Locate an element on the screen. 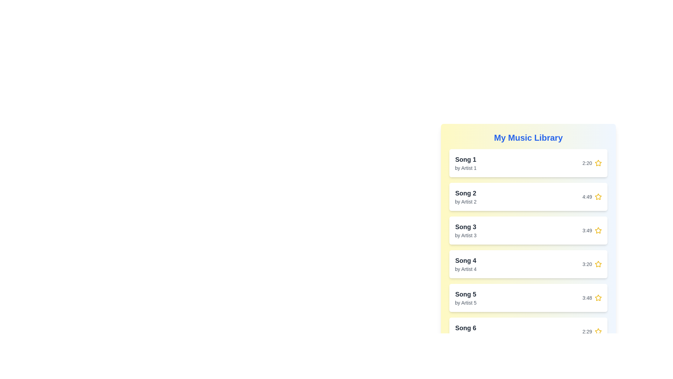 The height and width of the screenshot is (379, 673). the star icon to favorite 'Song 4' in the 'My Music Library' section is located at coordinates (597, 264).